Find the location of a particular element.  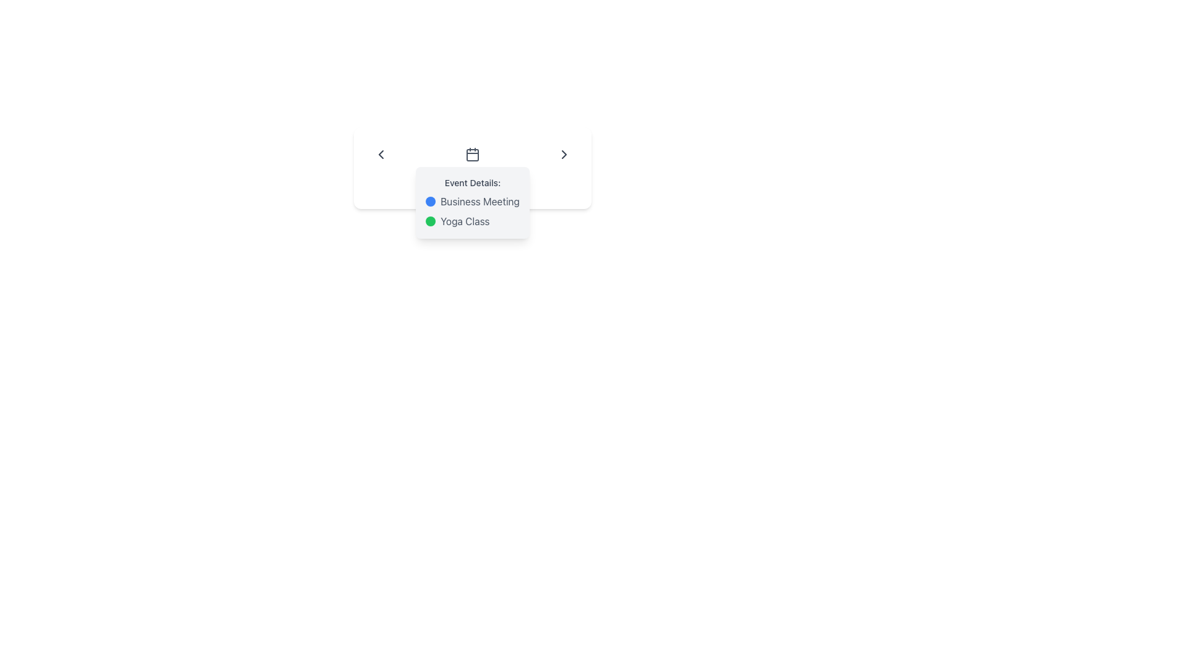

the 'Business Meeting' text item with a gray font and a small rounded blue indicator to its left, which is the first item in the list is located at coordinates (471, 201).